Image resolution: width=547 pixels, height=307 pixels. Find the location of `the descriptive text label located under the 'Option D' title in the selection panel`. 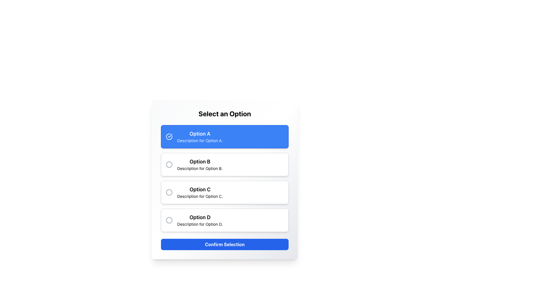

the descriptive text label located under the 'Option D' title in the selection panel is located at coordinates (200, 224).